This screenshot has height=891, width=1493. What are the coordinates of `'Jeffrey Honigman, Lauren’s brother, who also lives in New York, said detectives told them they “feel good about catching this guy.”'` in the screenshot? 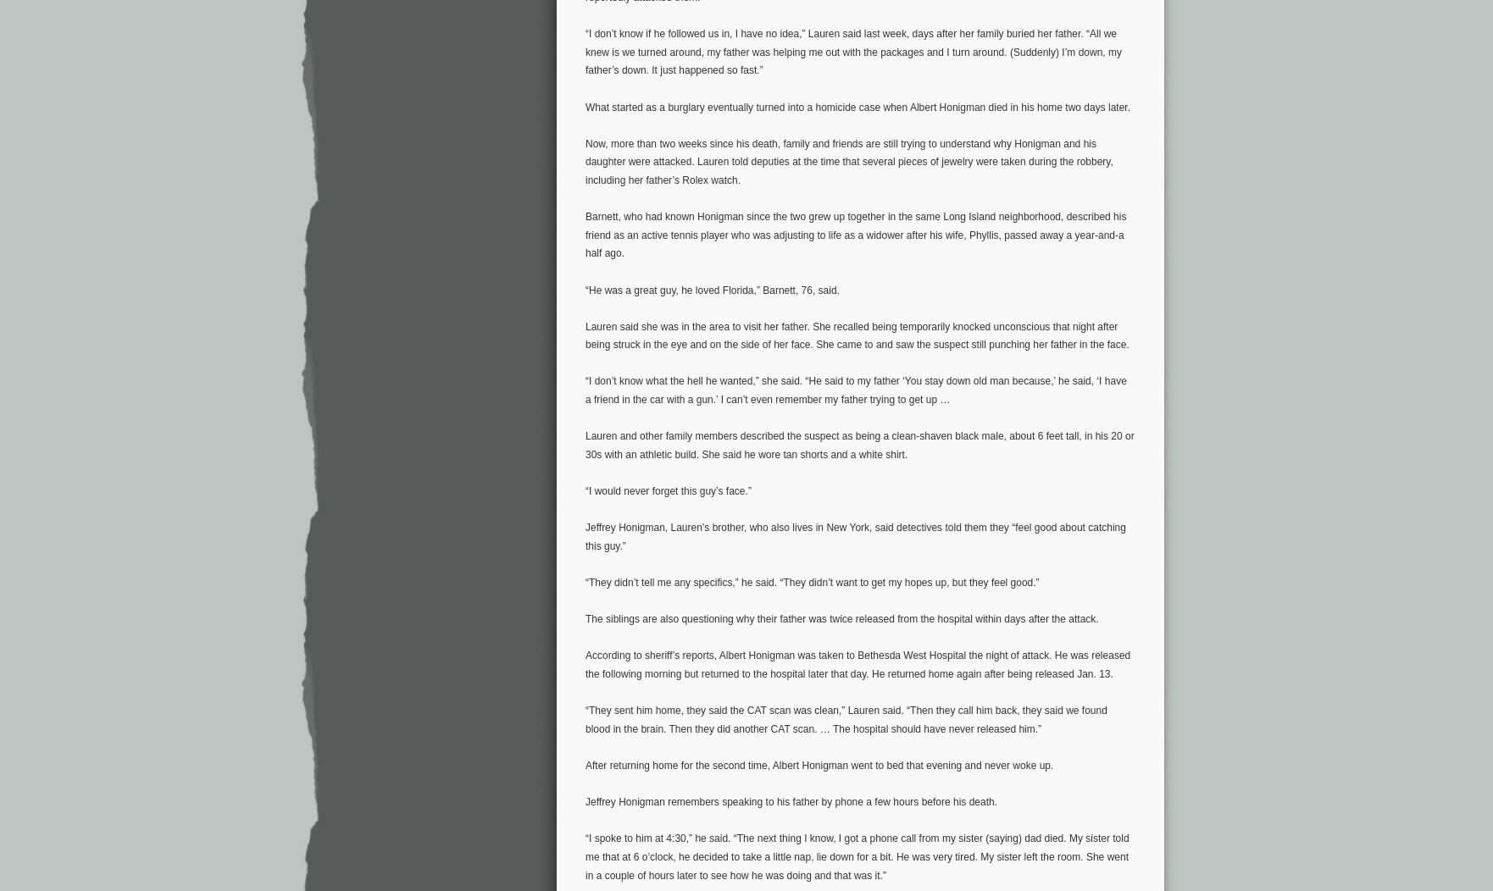 It's located at (855, 536).